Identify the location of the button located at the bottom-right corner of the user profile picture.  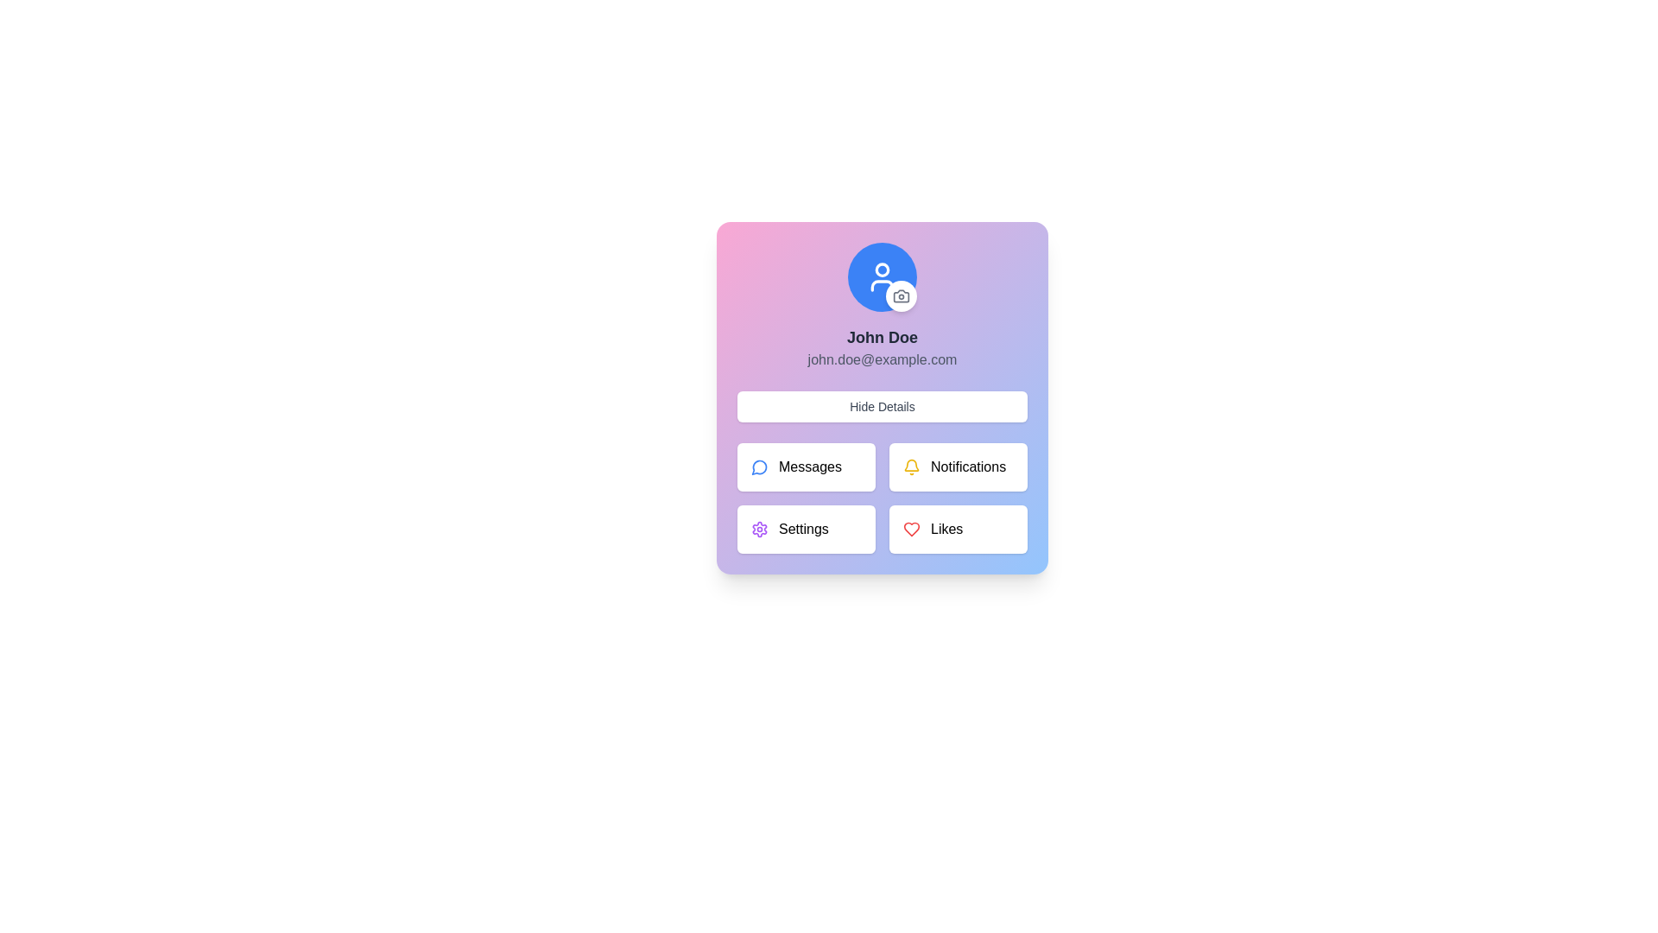
(900, 295).